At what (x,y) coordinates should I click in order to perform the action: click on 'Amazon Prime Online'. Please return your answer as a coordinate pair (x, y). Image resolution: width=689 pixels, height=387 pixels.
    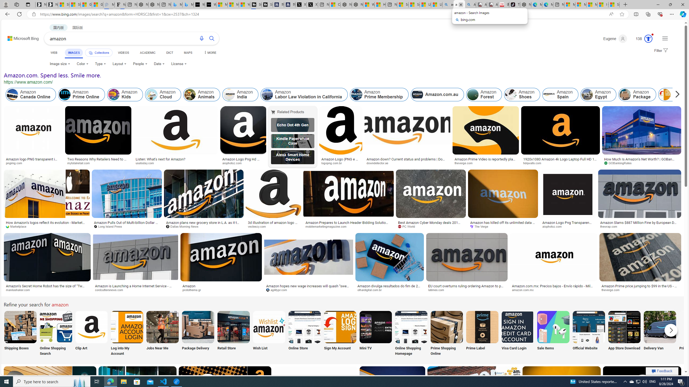
    Looking at the image, I should click on (81, 95).